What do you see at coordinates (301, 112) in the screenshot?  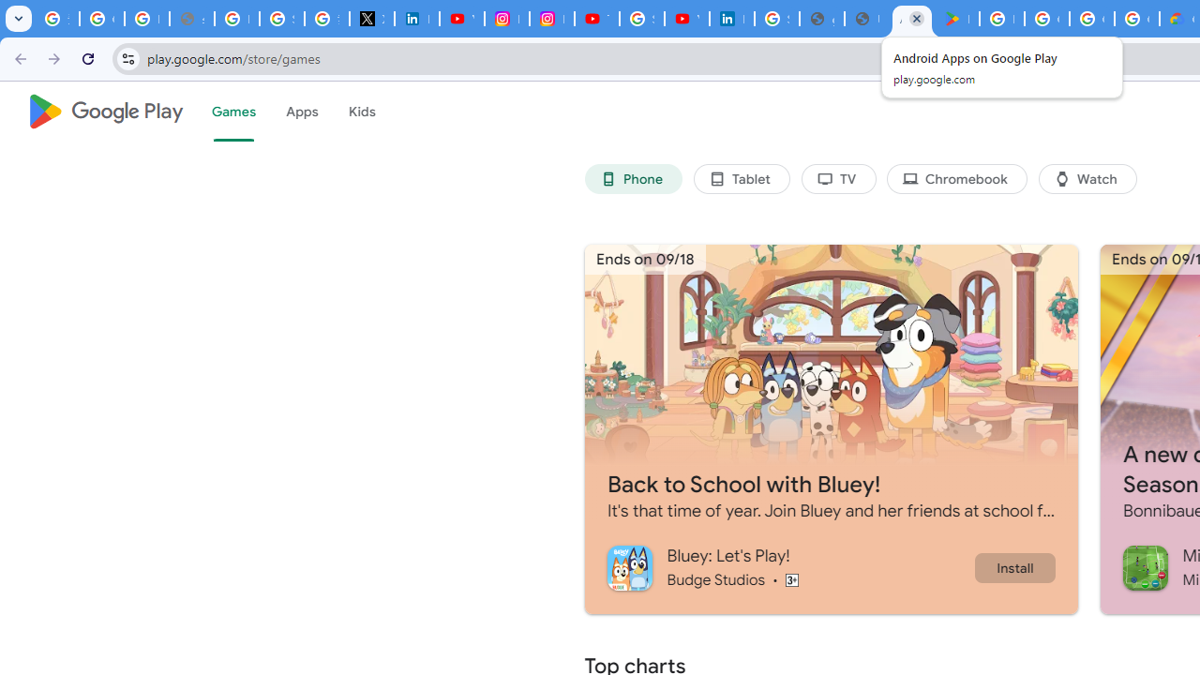 I see `'Apps'` at bounding box center [301, 112].